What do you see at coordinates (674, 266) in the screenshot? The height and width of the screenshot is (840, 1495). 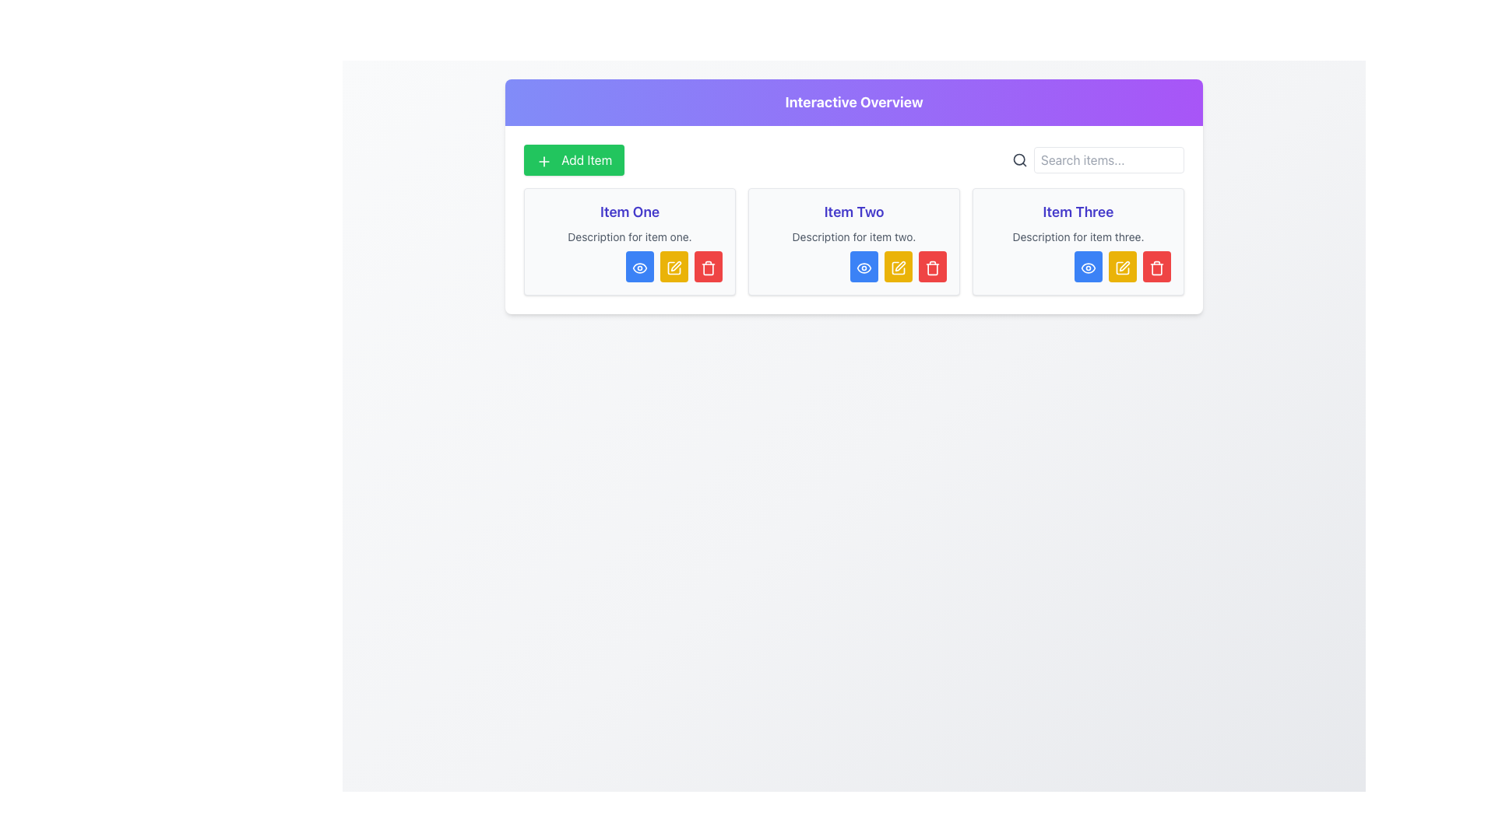 I see `the edit icon located in the bottom row of the icons in the 'Item One' card` at bounding box center [674, 266].